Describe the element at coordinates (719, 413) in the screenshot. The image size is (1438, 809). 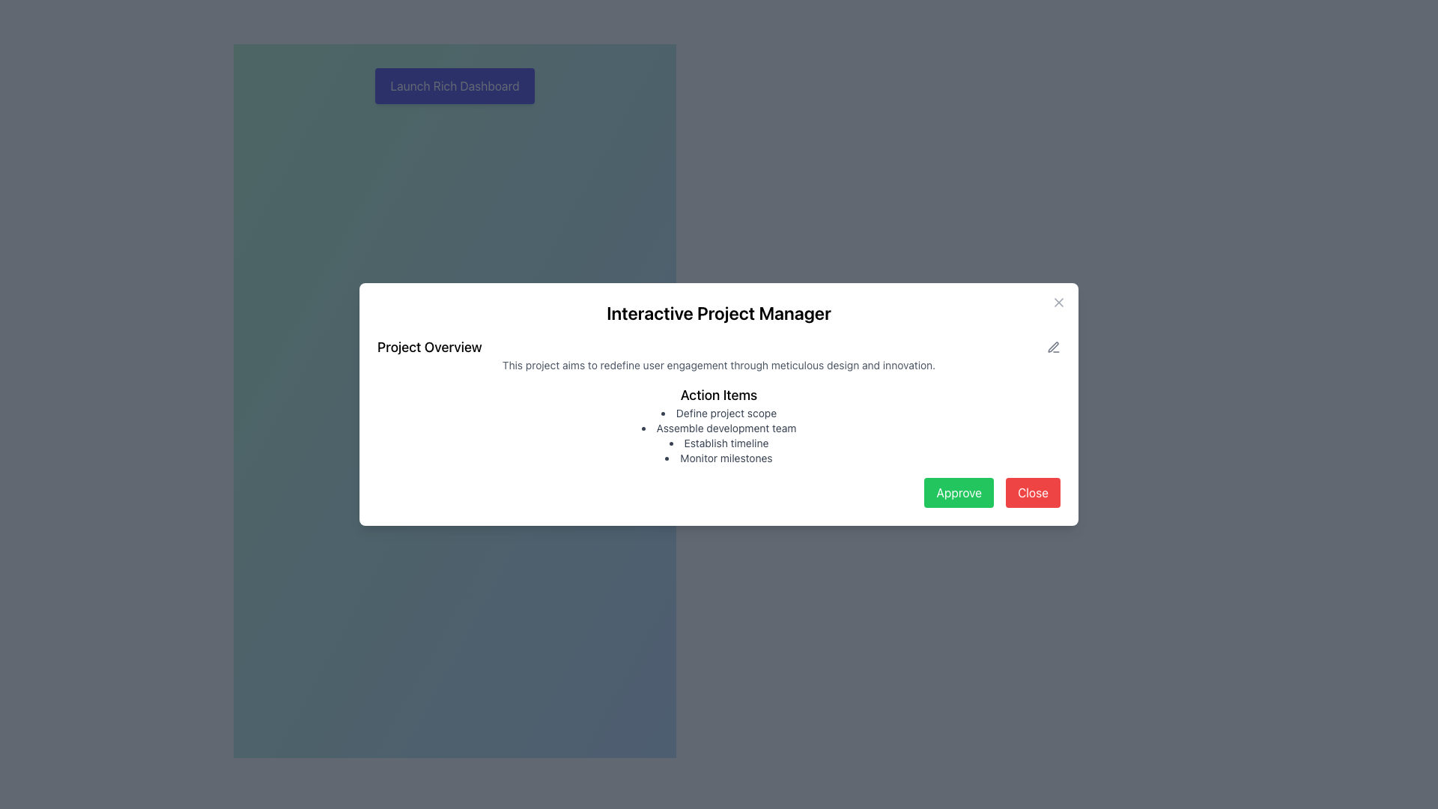
I see `first task in the 'Action Items' list within the 'Interactive Project Manager' modal window, which is a Text element presented as a bullet point` at that location.